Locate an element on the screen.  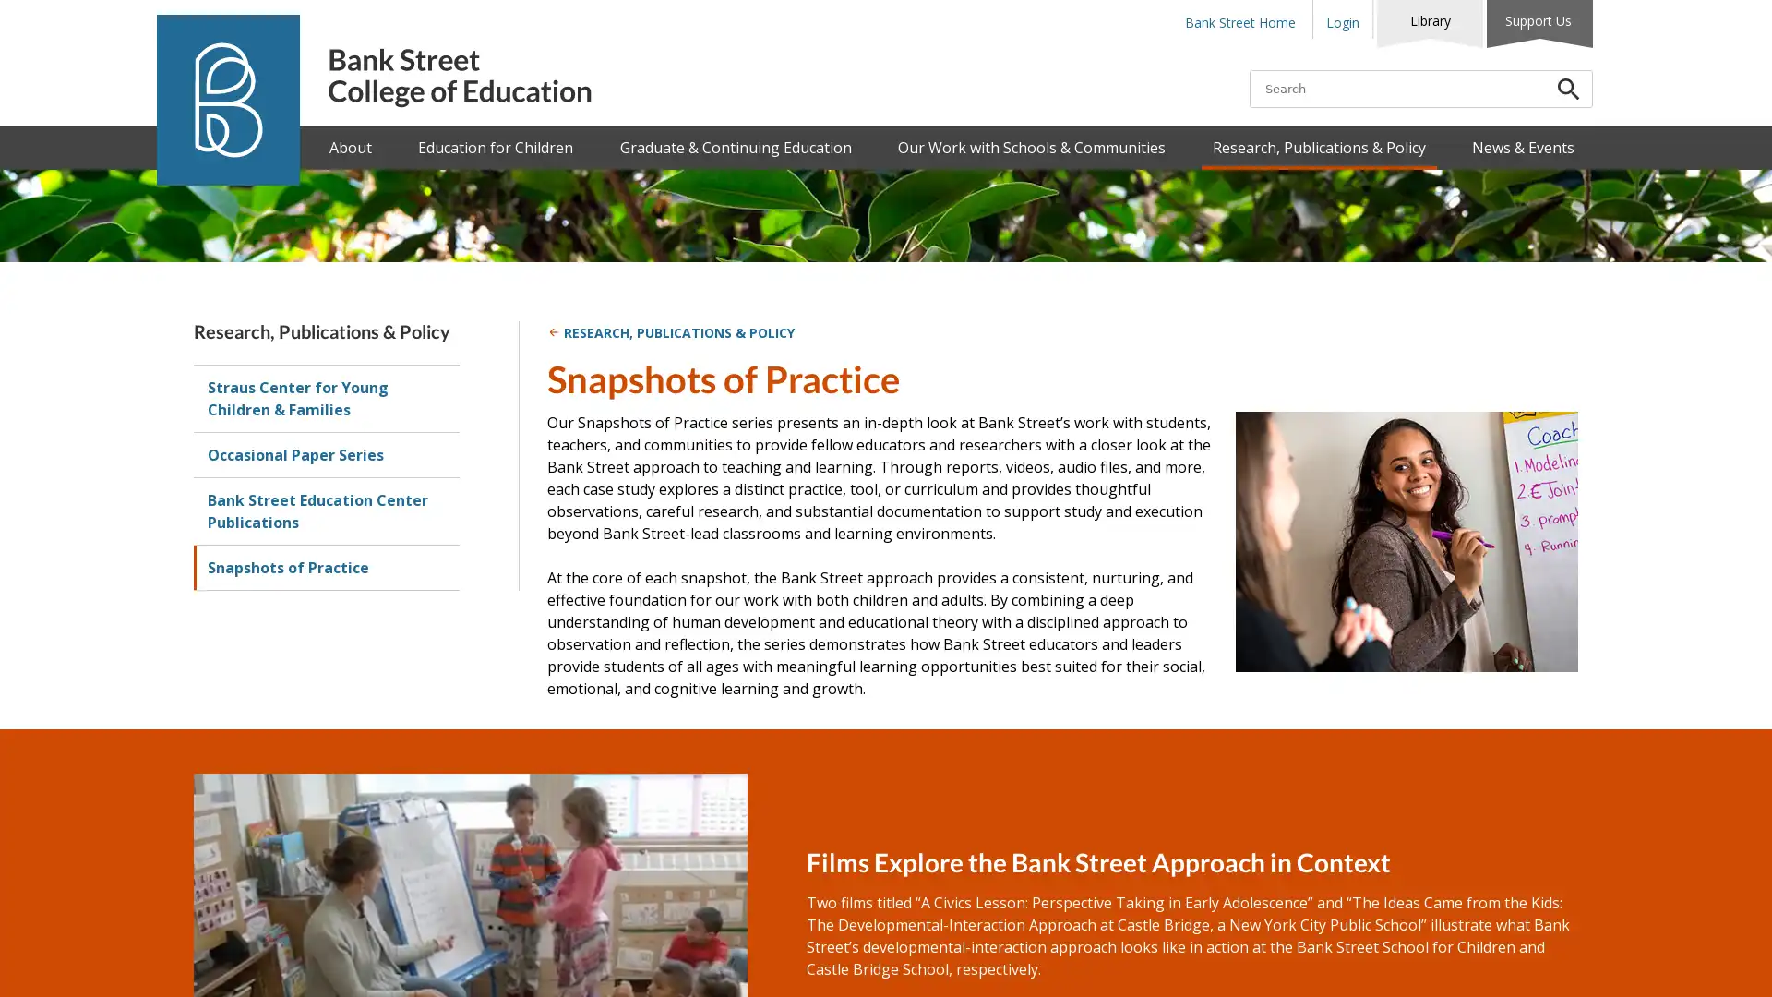
About is located at coordinates (350, 147).